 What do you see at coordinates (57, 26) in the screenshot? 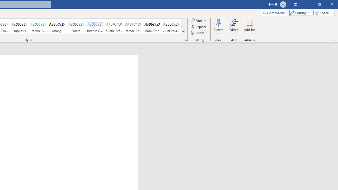
I see `'Strong'` at bounding box center [57, 26].